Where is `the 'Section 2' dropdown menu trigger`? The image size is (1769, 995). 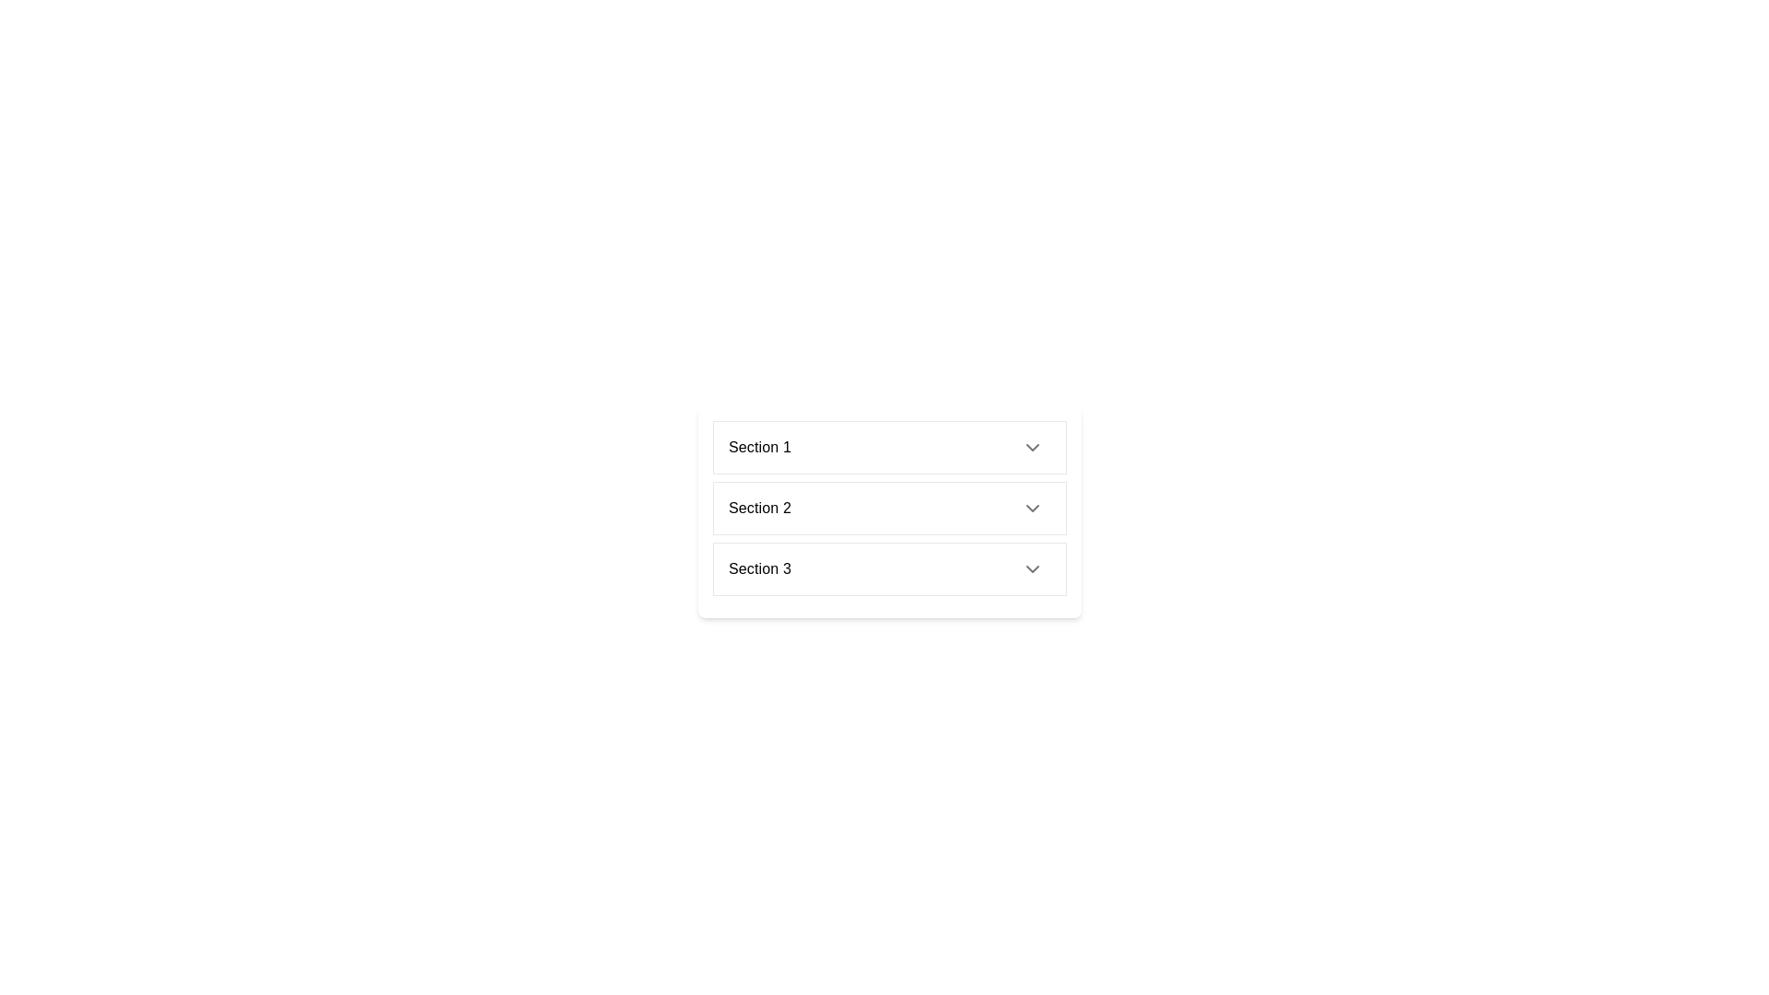
the 'Section 2' dropdown menu trigger is located at coordinates (889, 504).